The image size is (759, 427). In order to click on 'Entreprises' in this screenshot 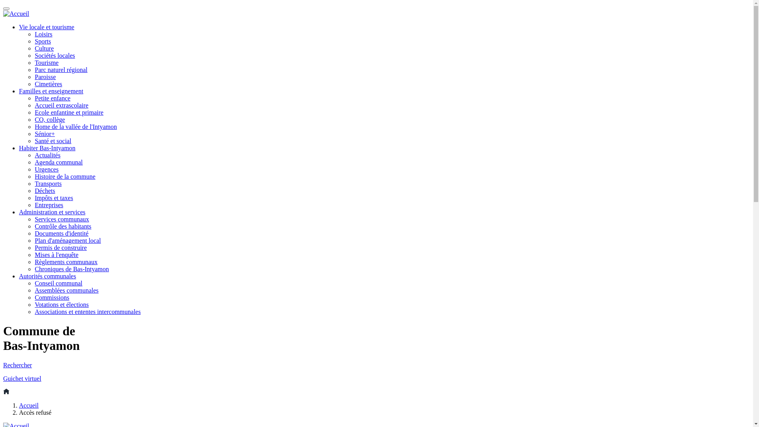, I will do `click(49, 204)`.